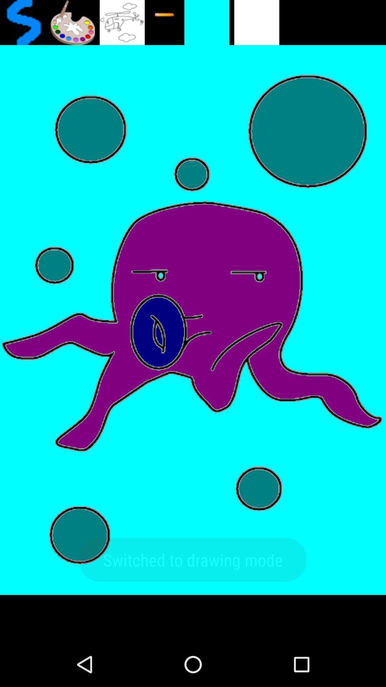 The width and height of the screenshot is (386, 687). I want to click on colour page, so click(72, 22).